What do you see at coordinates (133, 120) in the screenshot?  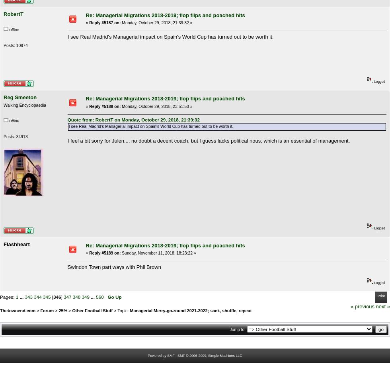 I see `'Quote from: RobertT on Monday, October 29, 2018, 21:39:32'` at bounding box center [133, 120].